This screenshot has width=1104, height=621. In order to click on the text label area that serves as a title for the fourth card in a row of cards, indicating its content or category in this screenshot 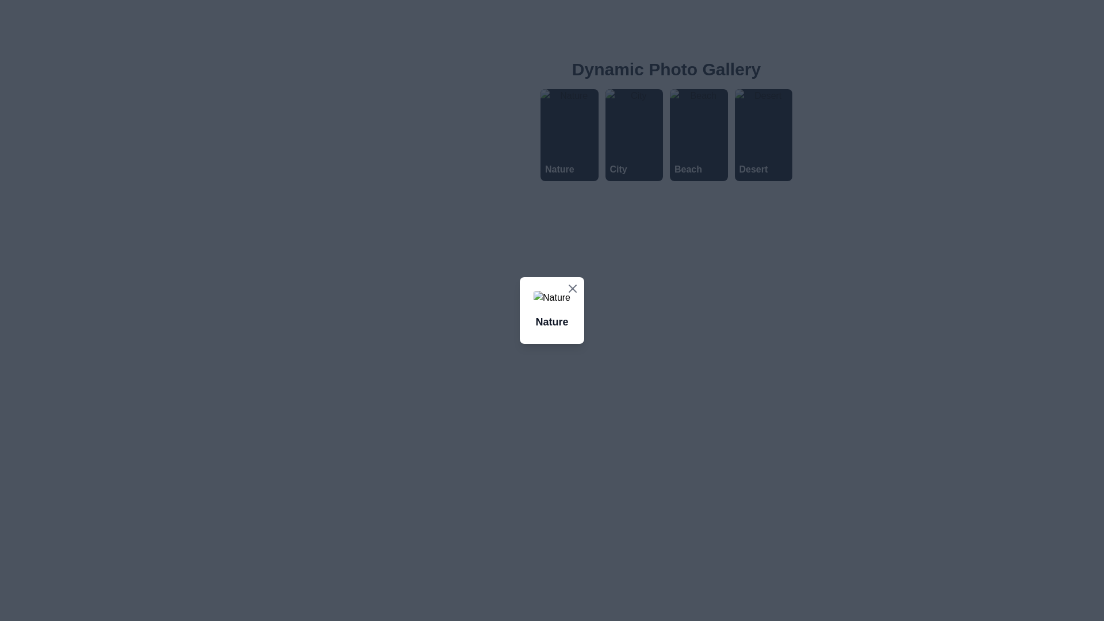, I will do `click(753, 169)`.